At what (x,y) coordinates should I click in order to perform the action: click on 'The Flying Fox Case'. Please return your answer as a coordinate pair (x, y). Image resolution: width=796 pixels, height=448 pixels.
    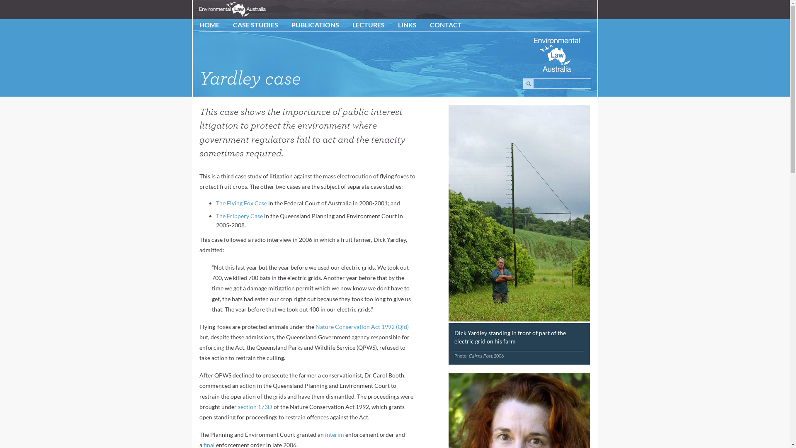
    Looking at the image, I should click on (241, 203).